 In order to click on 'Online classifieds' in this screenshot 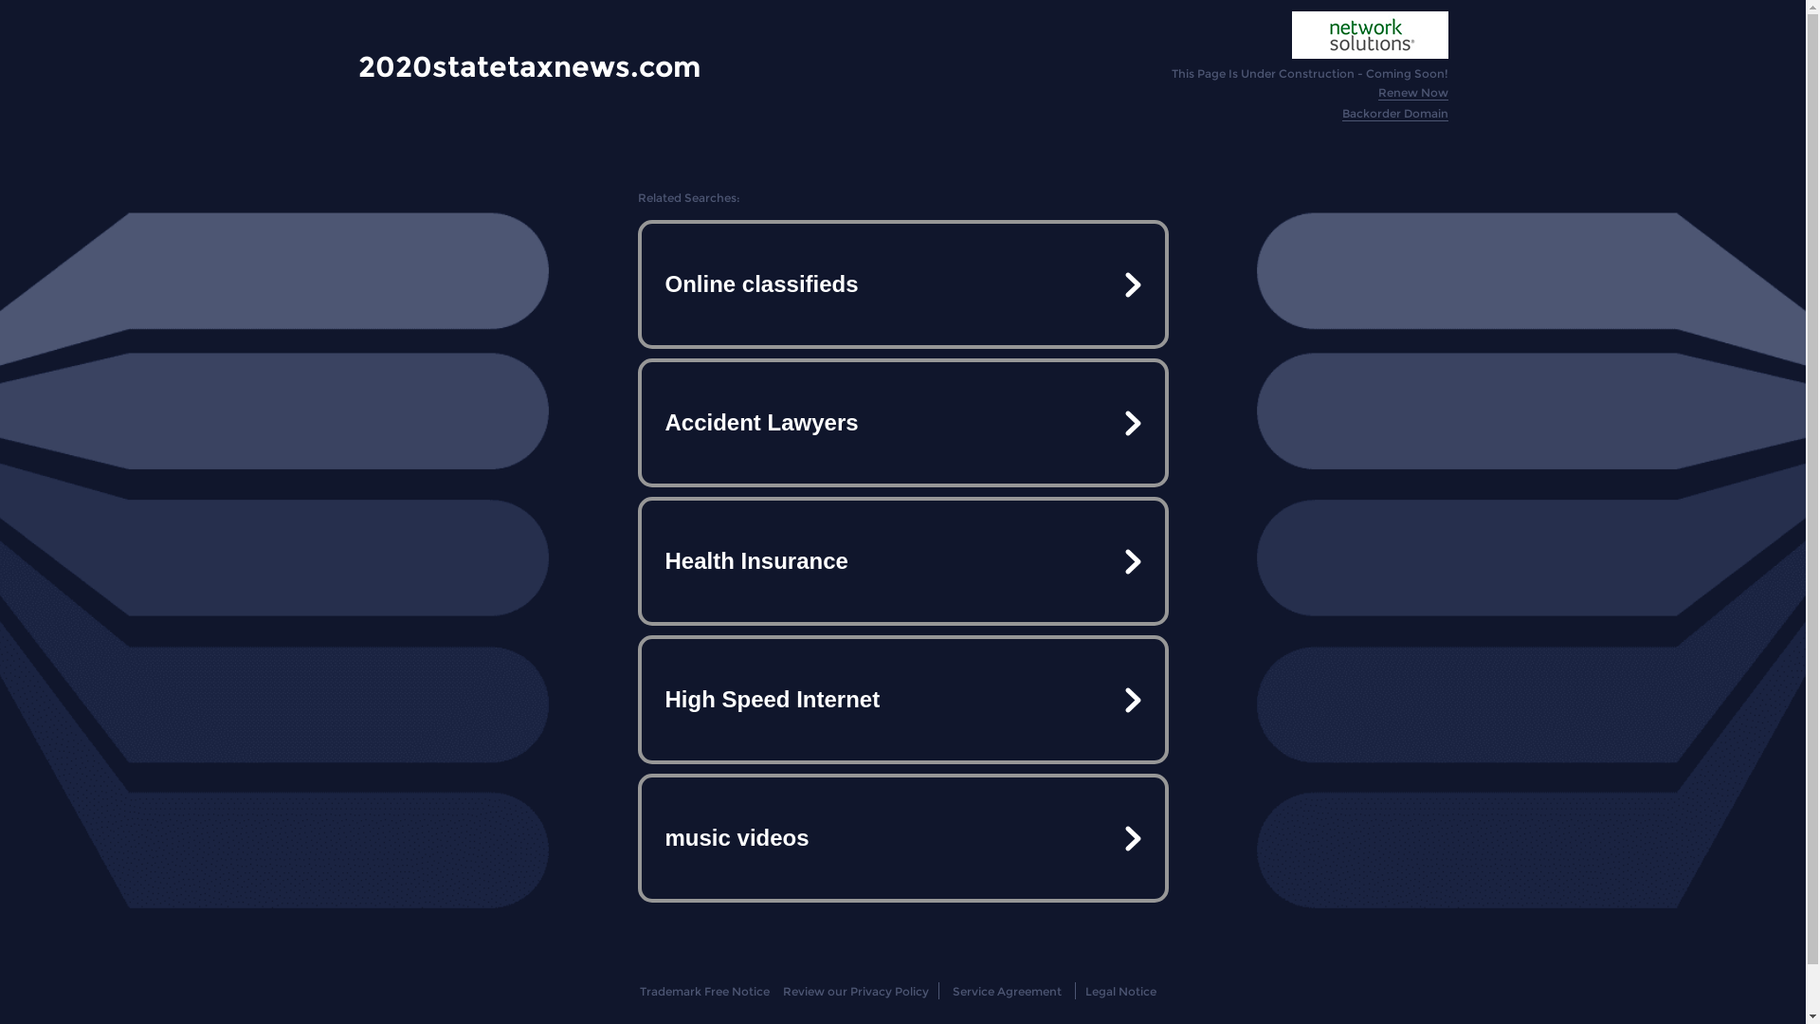, I will do `click(901, 284)`.